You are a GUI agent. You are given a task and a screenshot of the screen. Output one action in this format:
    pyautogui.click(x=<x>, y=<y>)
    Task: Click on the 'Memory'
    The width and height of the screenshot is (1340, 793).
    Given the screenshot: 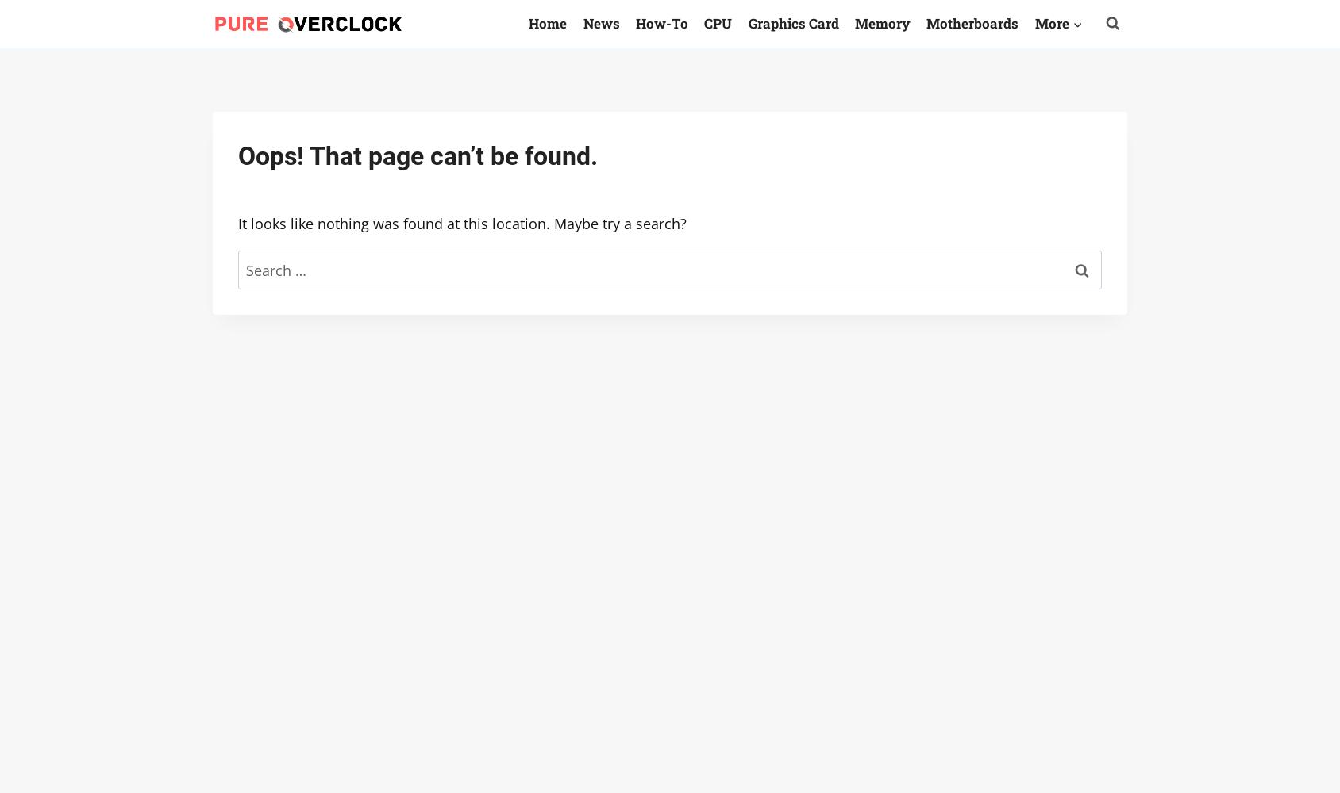 What is the action you would take?
    pyautogui.click(x=882, y=22)
    